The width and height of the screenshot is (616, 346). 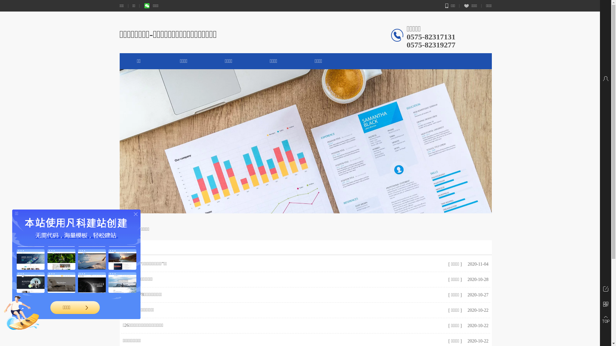 What do you see at coordinates (466, 309) in the screenshot?
I see `'2020-10-22'` at bounding box center [466, 309].